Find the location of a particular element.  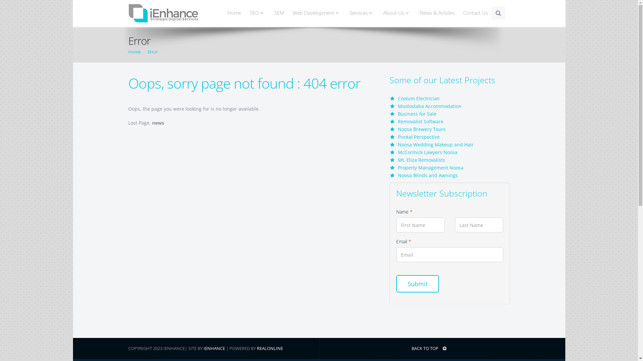

'News & Articles' is located at coordinates (437, 13).